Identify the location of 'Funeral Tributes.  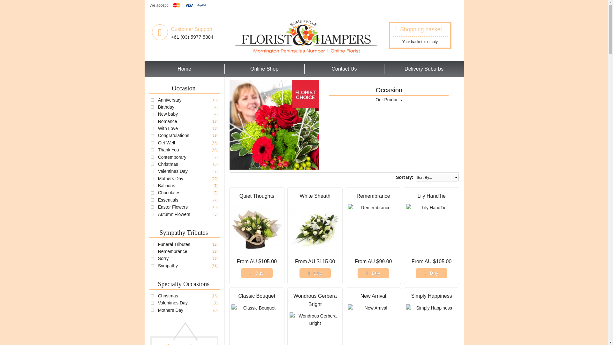
(158, 244).